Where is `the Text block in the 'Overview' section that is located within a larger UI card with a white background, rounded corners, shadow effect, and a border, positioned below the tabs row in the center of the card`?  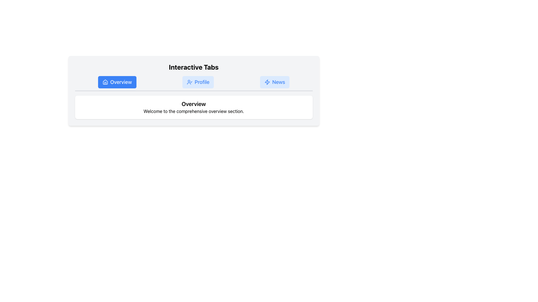 the Text block in the 'Overview' section that is located within a larger UI card with a white background, rounded corners, shadow effect, and a border, positioned below the tabs row in the center of the card is located at coordinates (194, 107).